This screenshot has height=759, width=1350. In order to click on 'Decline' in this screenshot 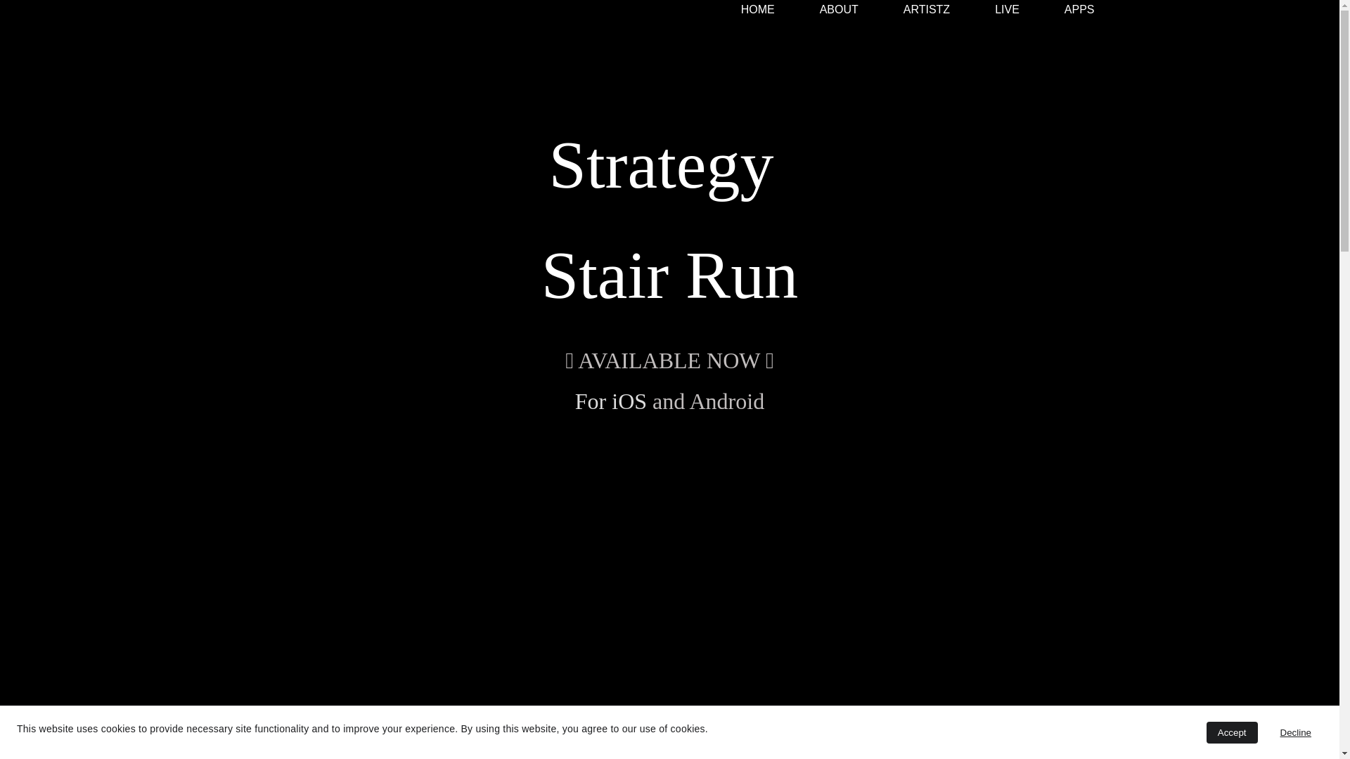, I will do `click(1295, 732)`.